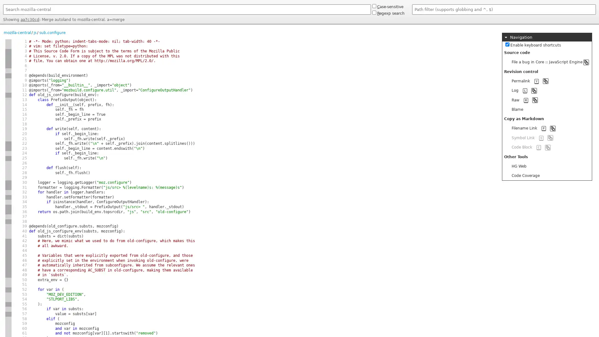 The image size is (599, 337). What do you see at coordinates (8, 114) in the screenshot?
I see `same hash 6` at bounding box center [8, 114].